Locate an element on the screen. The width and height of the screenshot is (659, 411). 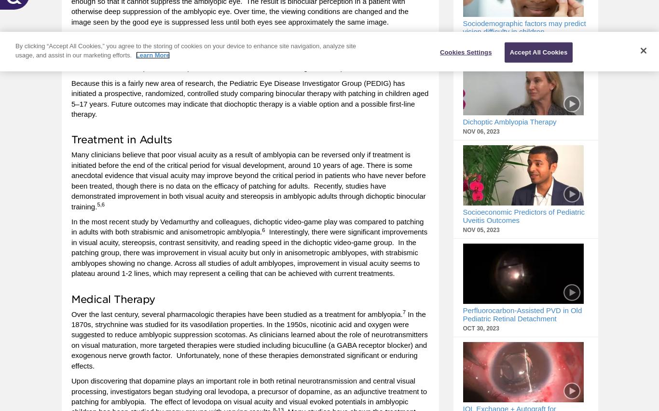
'5,6' is located at coordinates (100, 204).